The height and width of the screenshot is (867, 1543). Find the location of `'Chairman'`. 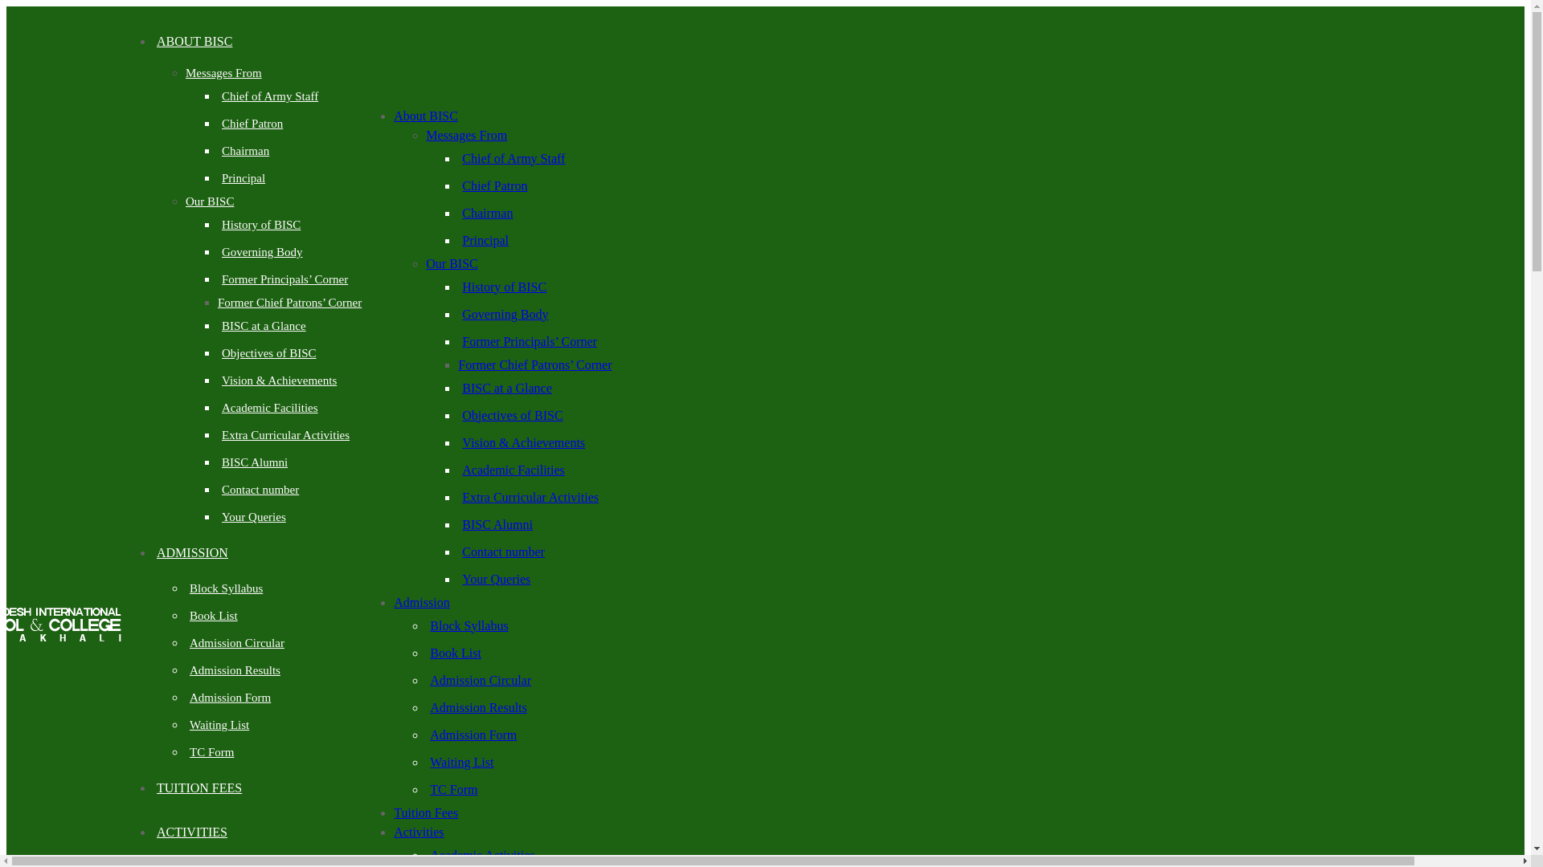

'Chairman' is located at coordinates (244, 151).